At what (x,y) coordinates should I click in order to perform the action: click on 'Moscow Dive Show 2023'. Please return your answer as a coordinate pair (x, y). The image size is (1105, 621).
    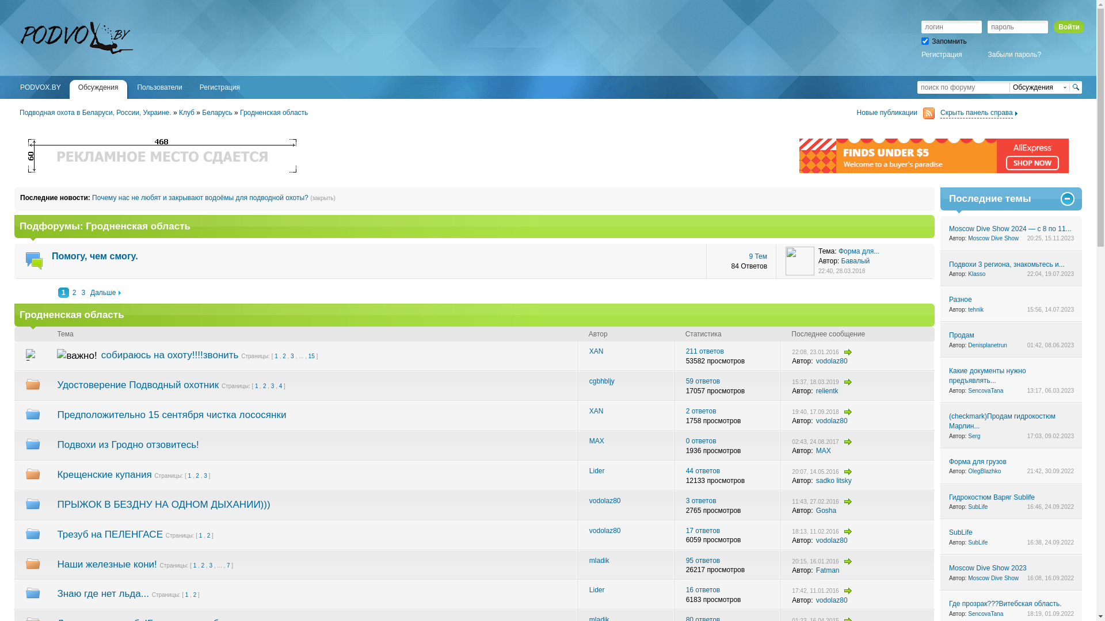
    Looking at the image, I should click on (987, 567).